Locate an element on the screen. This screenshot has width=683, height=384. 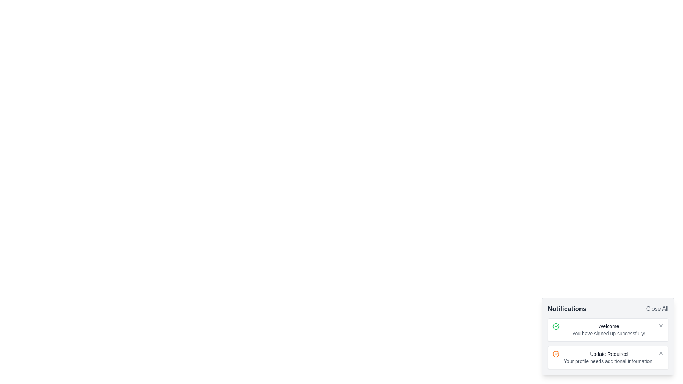
the confirmation message text located centrally below the 'Welcome' text within the notification card in the bottom-right corner of the interface is located at coordinates (608, 333).